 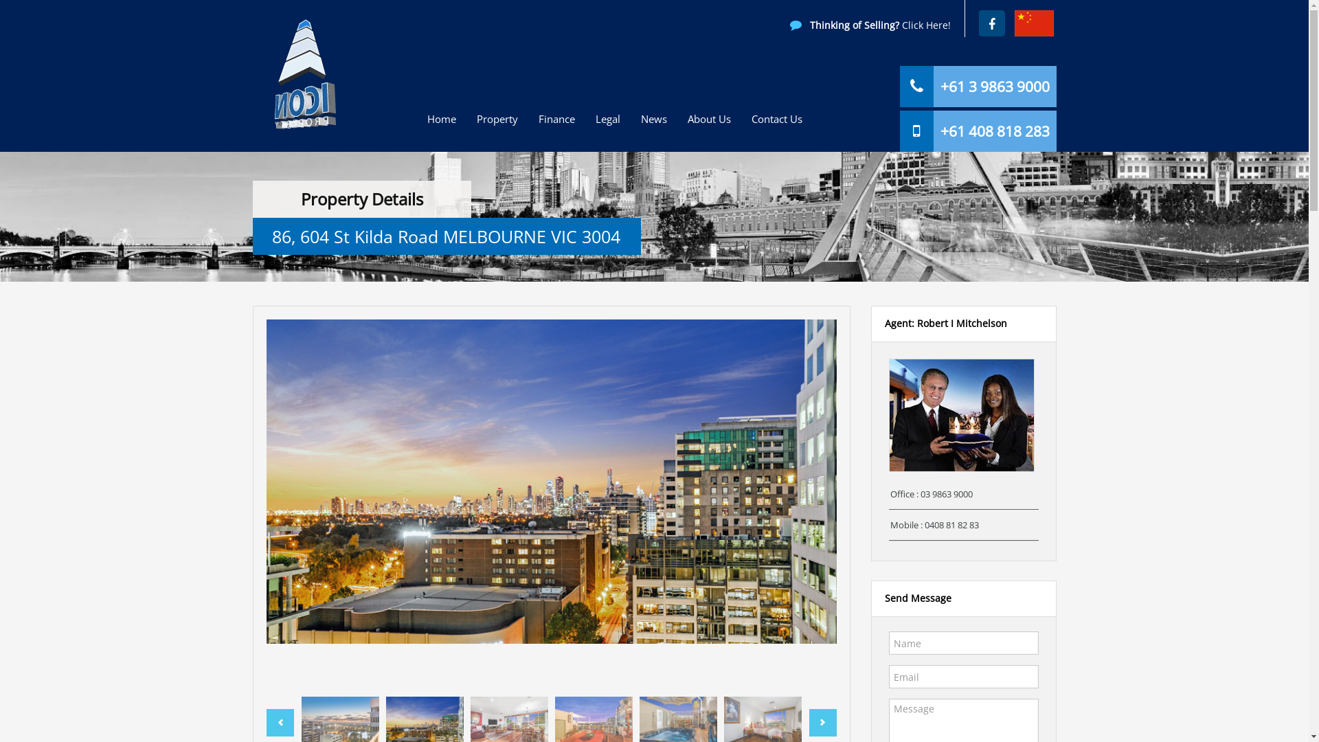 I want to click on 'Icon Property', so click(x=253, y=74).